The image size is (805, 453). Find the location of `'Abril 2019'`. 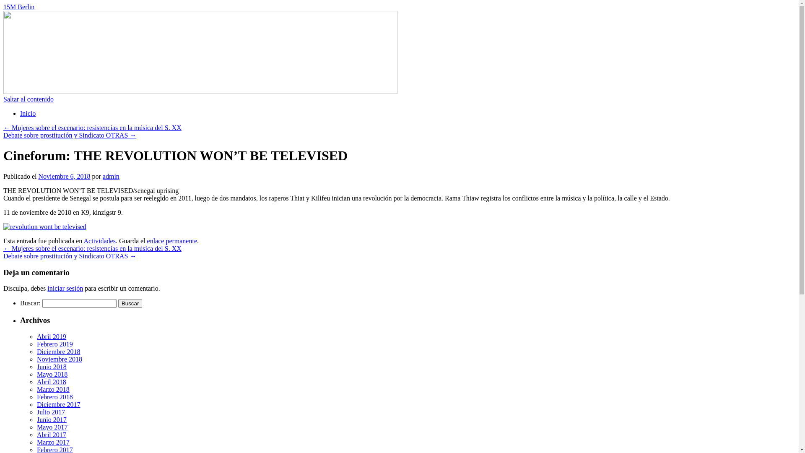

'Abril 2019' is located at coordinates (51, 336).